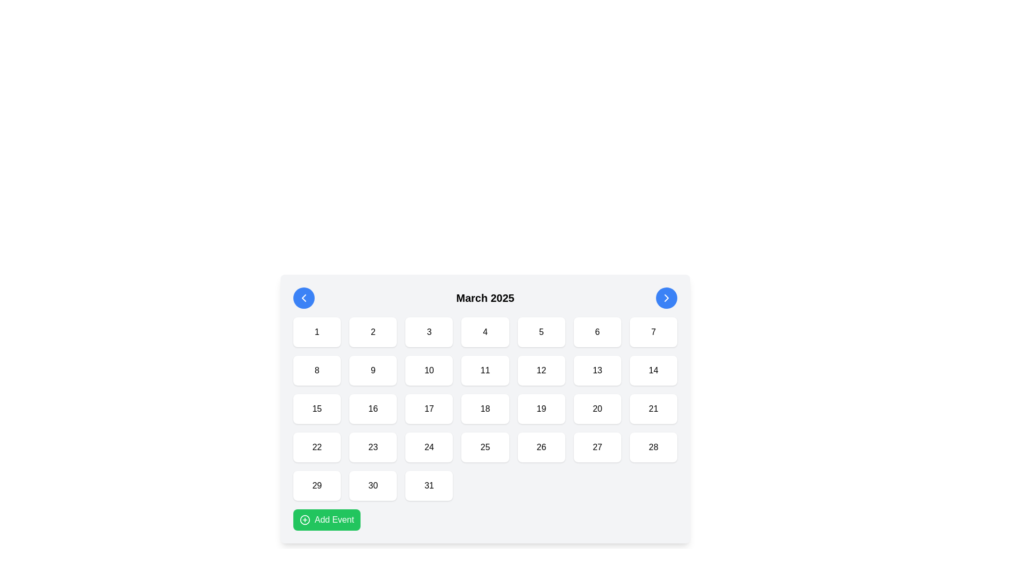 Image resolution: width=1024 pixels, height=576 pixels. I want to click on to select the day represented by the 30th cell in the calendar grid for March 2025, located in the 5th row and 2nd column, so click(373, 485).